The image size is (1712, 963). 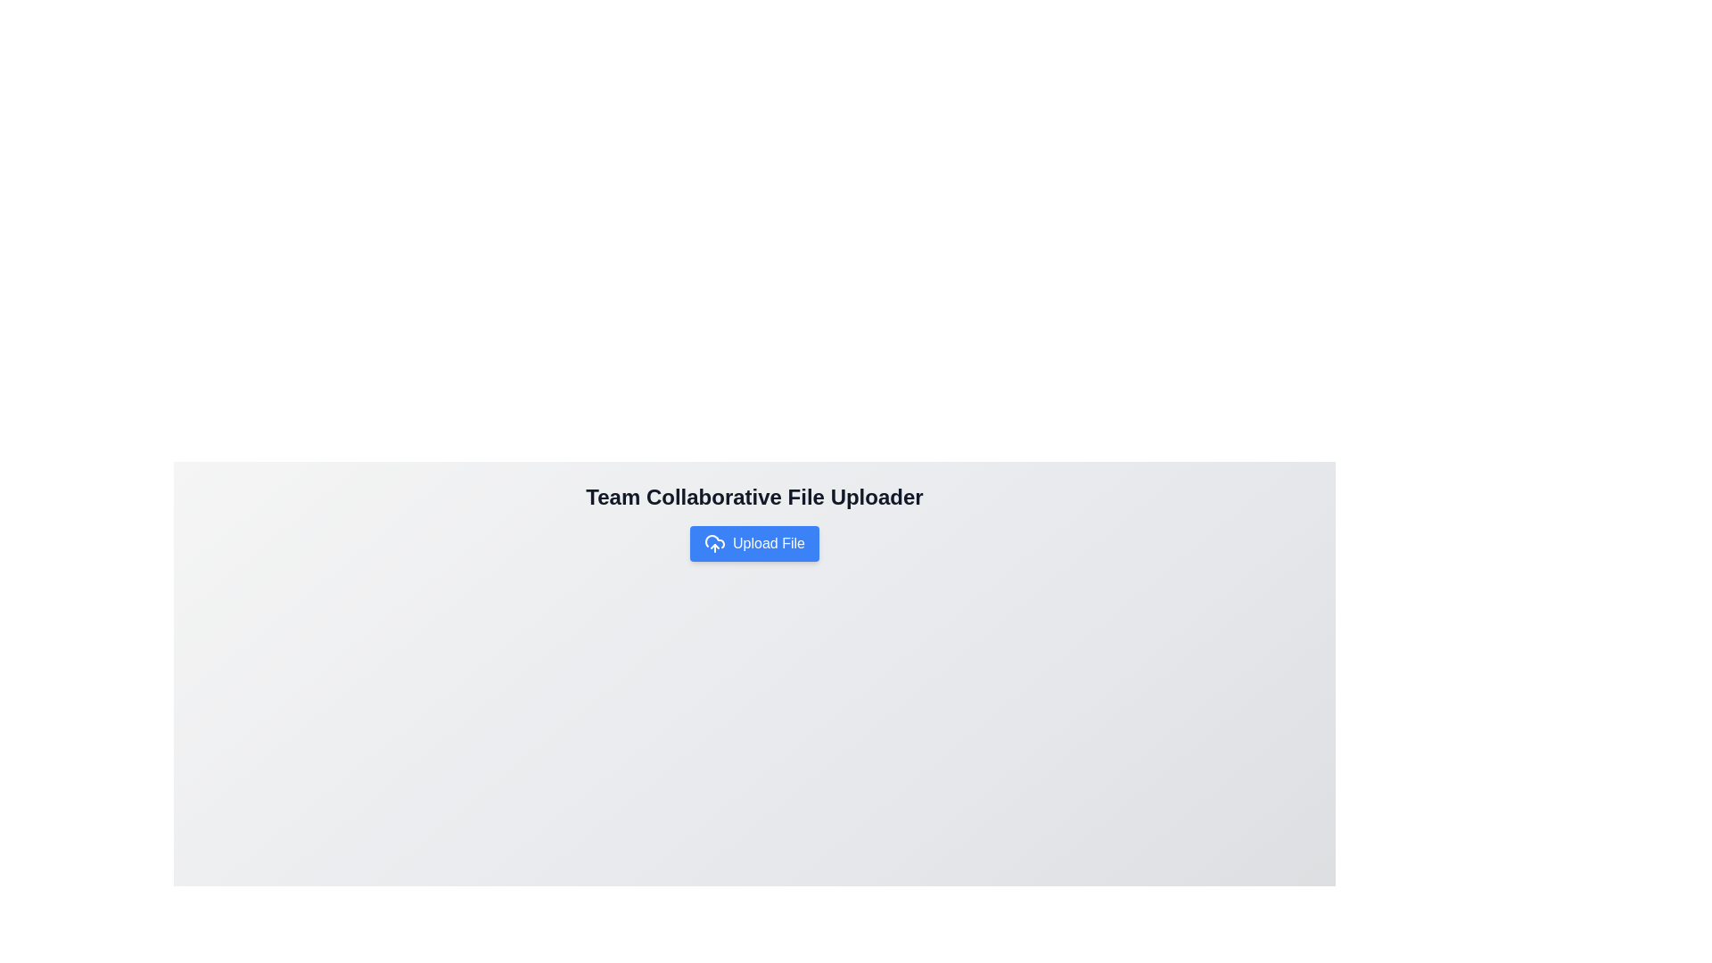 I want to click on the cloud icon located within the 'Upload File' button, specifically centered inside the circular portion of the cloud icon, so click(x=714, y=540).